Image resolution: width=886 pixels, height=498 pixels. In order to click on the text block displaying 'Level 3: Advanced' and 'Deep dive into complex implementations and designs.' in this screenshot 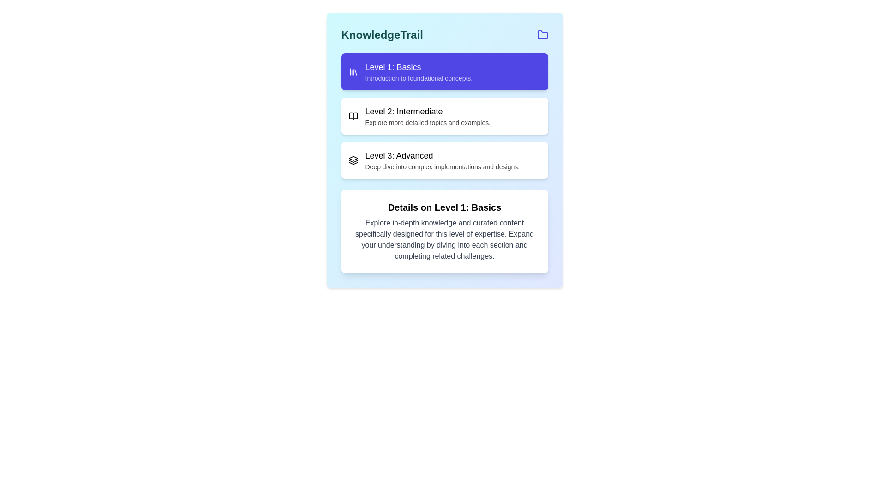, I will do `click(442, 160)`.